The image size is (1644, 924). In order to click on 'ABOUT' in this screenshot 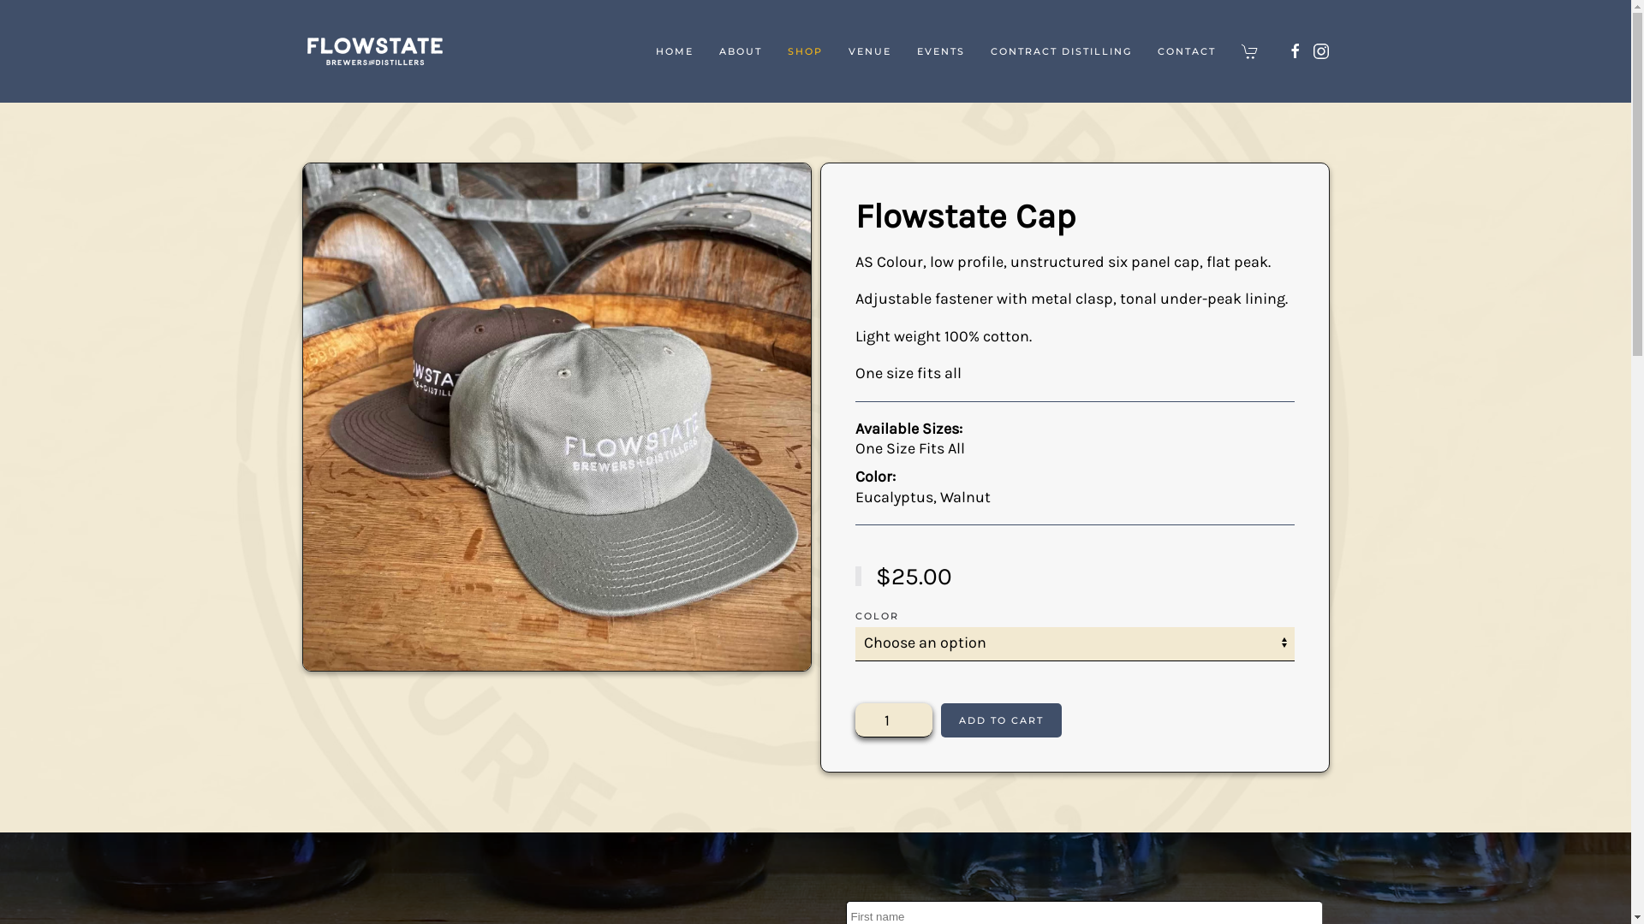, I will do `click(740, 50)`.